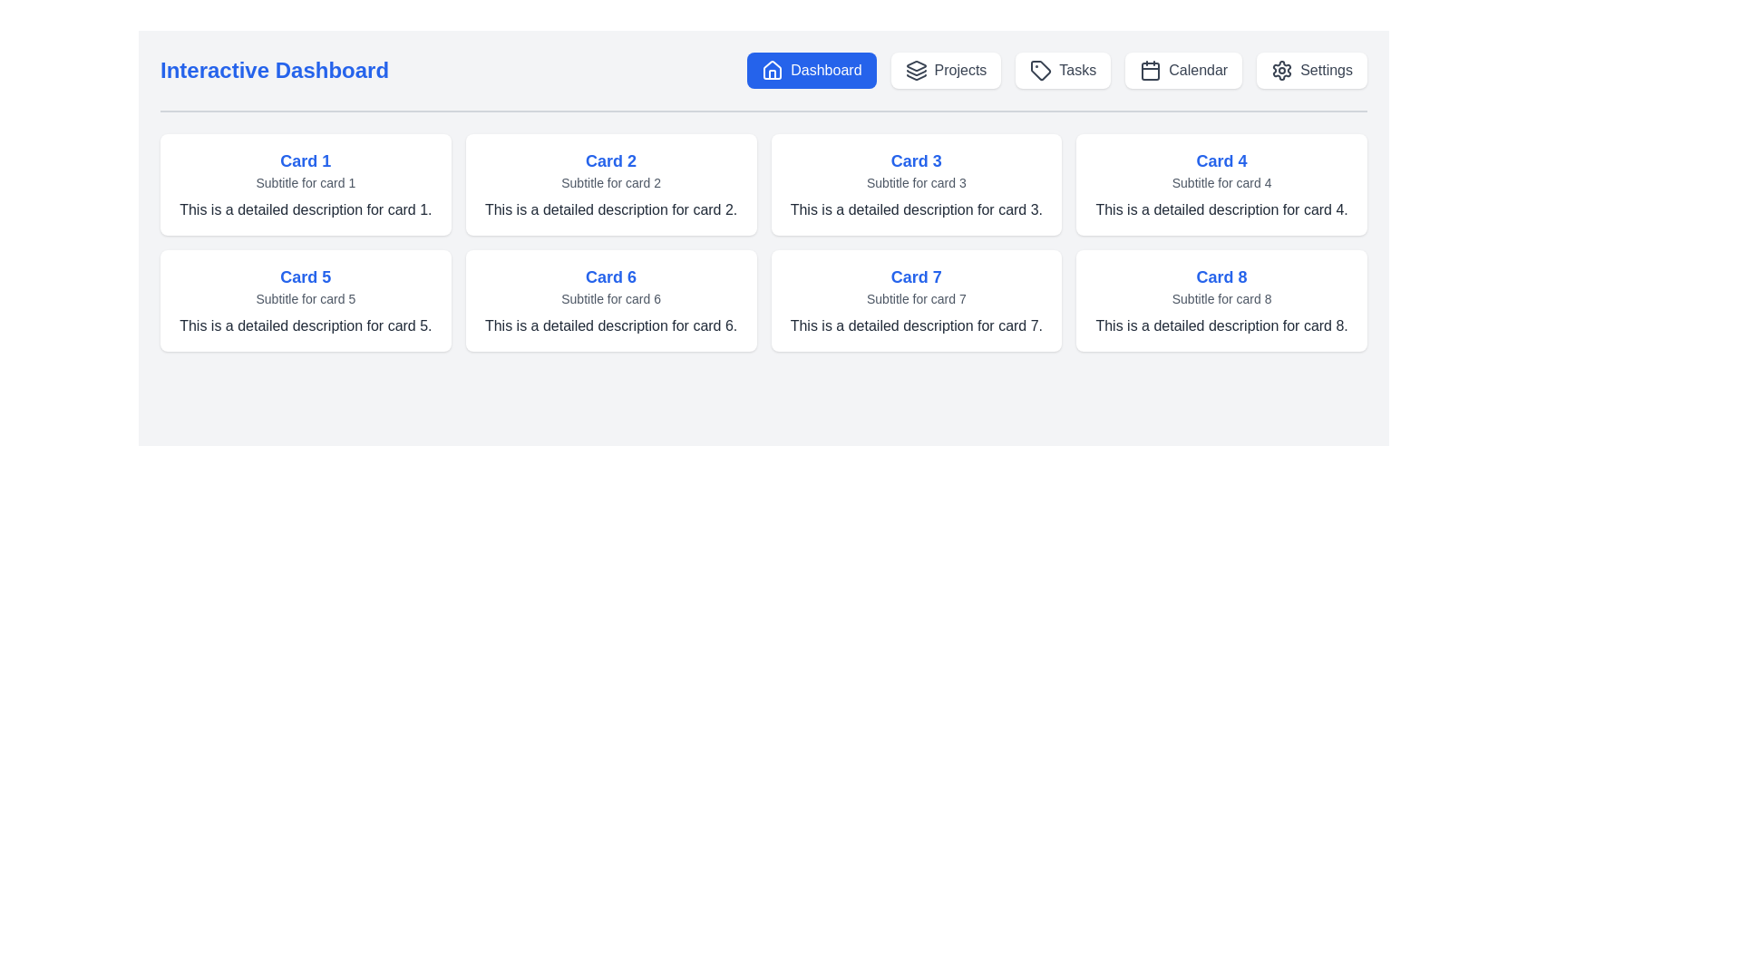 This screenshot has width=1741, height=979. Describe the element at coordinates (1183, 69) in the screenshot. I see `the 'Calendar' button with a white background and a calendar icon located in the navigation bar, which is the fourth button from the left` at that location.